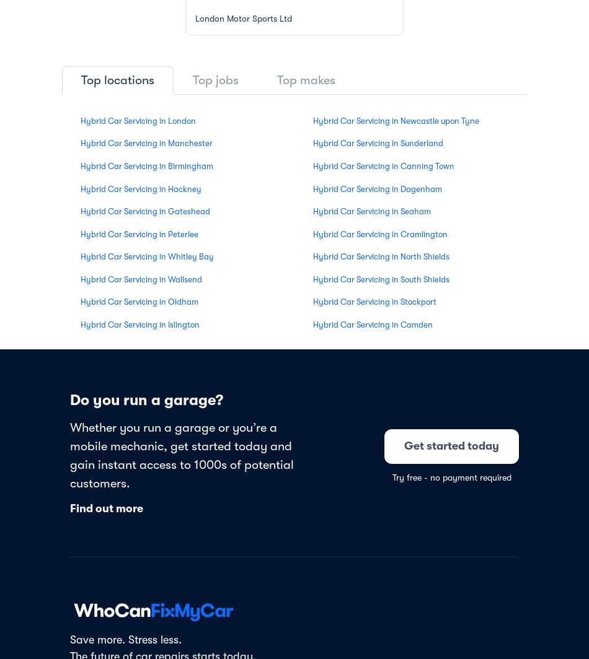 The width and height of the screenshot is (589, 659). Describe the element at coordinates (126, 639) in the screenshot. I see `'Save more. Stress less.'` at that location.